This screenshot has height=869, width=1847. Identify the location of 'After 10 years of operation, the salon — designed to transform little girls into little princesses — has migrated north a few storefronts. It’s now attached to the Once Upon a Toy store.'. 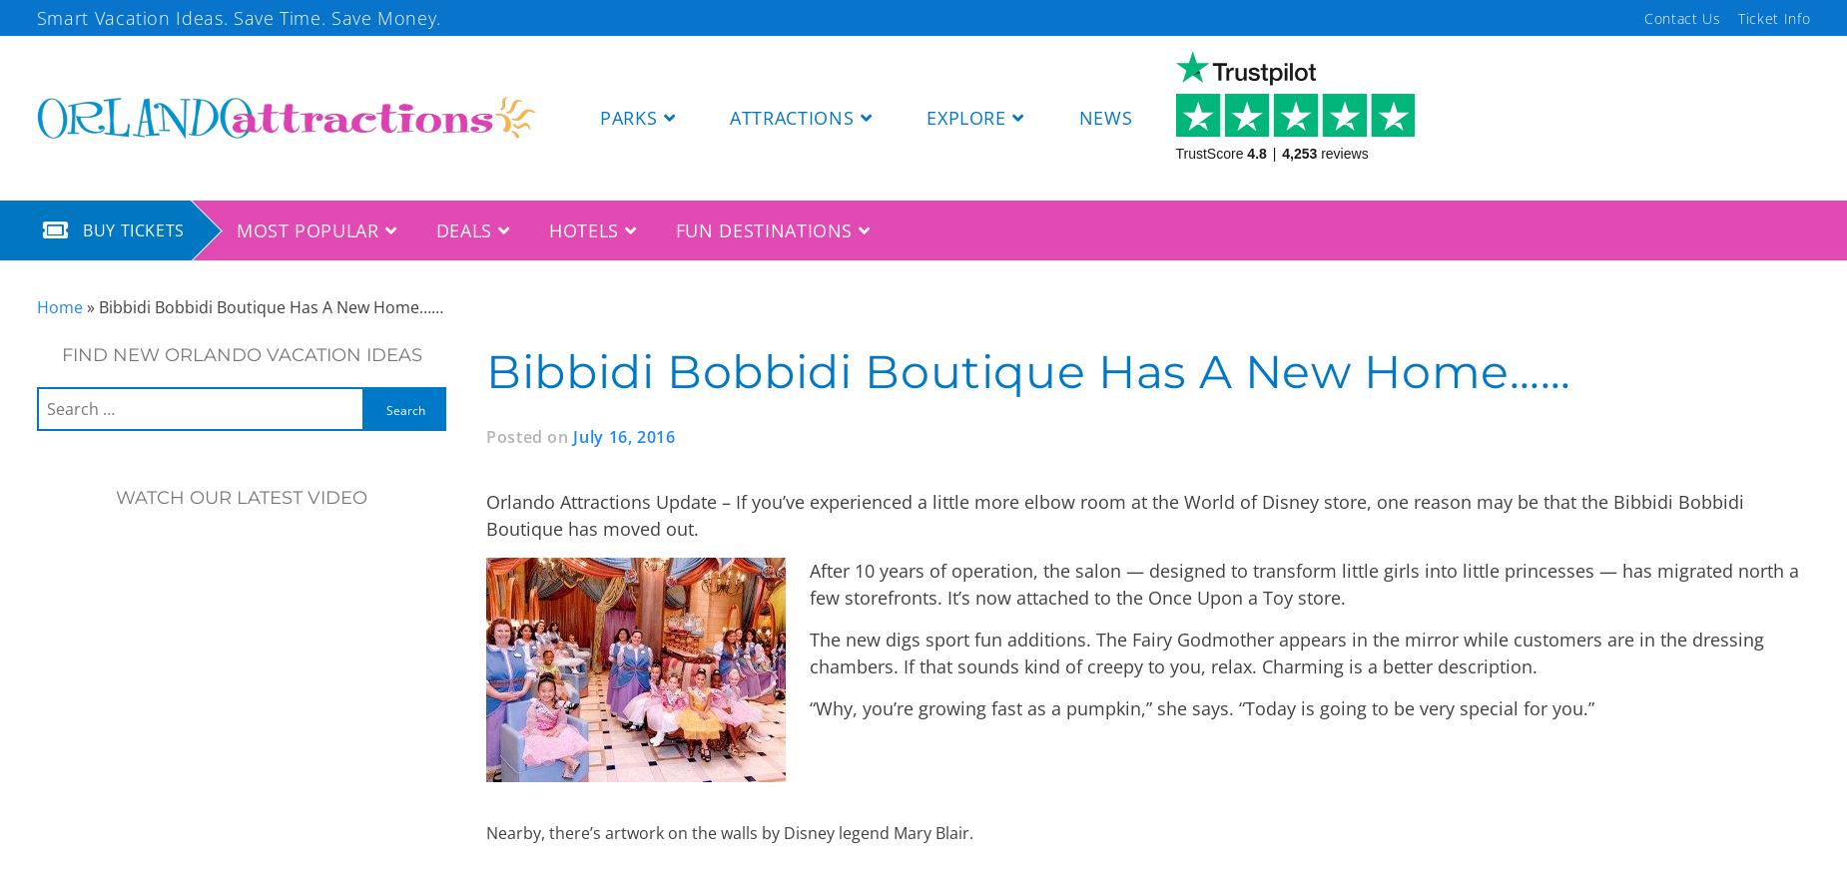
(1303, 583).